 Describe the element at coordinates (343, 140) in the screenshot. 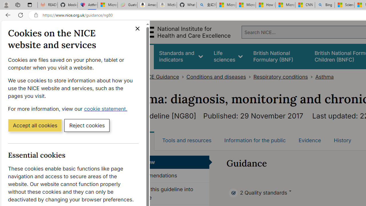

I see `'History'` at that location.